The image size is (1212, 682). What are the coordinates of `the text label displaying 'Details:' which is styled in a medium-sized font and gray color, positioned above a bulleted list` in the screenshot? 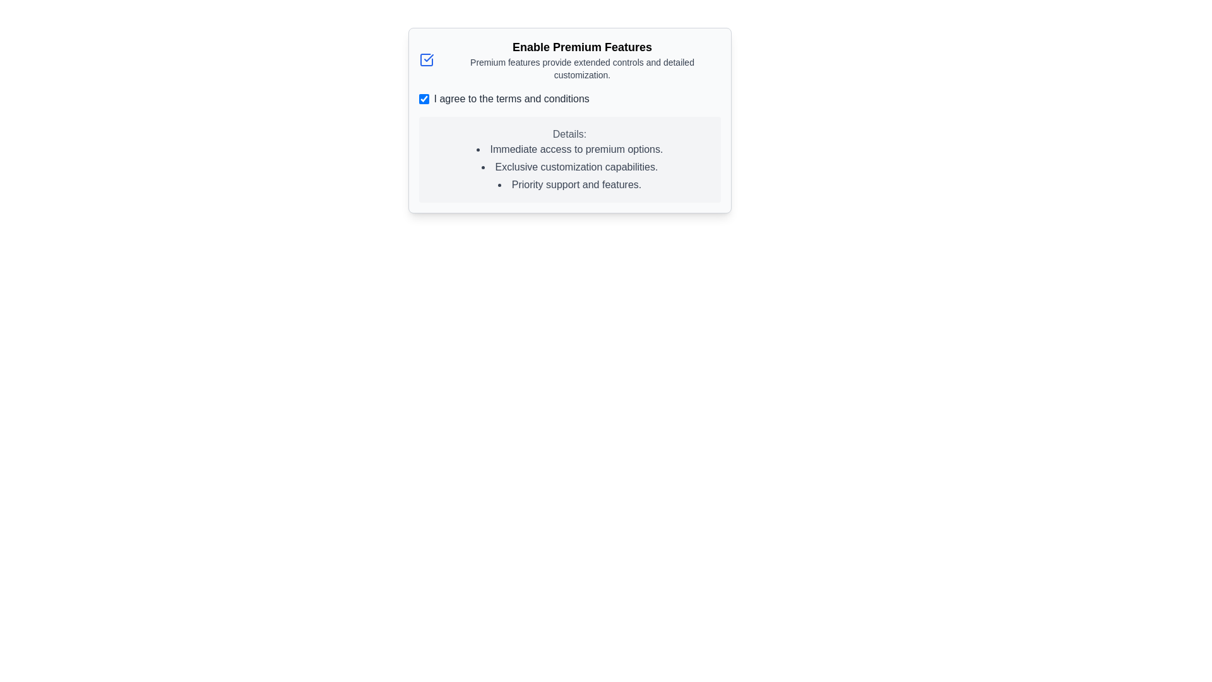 It's located at (569, 134).